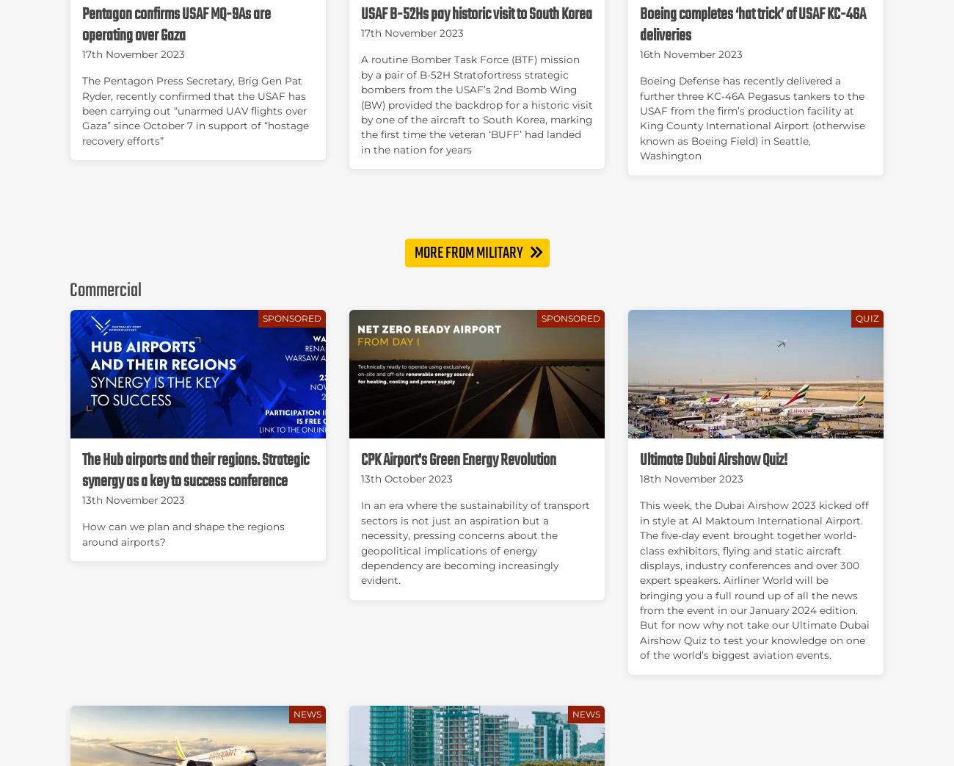  Describe the element at coordinates (475, 542) in the screenshot. I see `'In an era where the sustainability of transport sectors is not just an aspiration but a necessity, pressing concerns about the geopolitical implications of energy dependency are becoming increasingly evident.'` at that location.